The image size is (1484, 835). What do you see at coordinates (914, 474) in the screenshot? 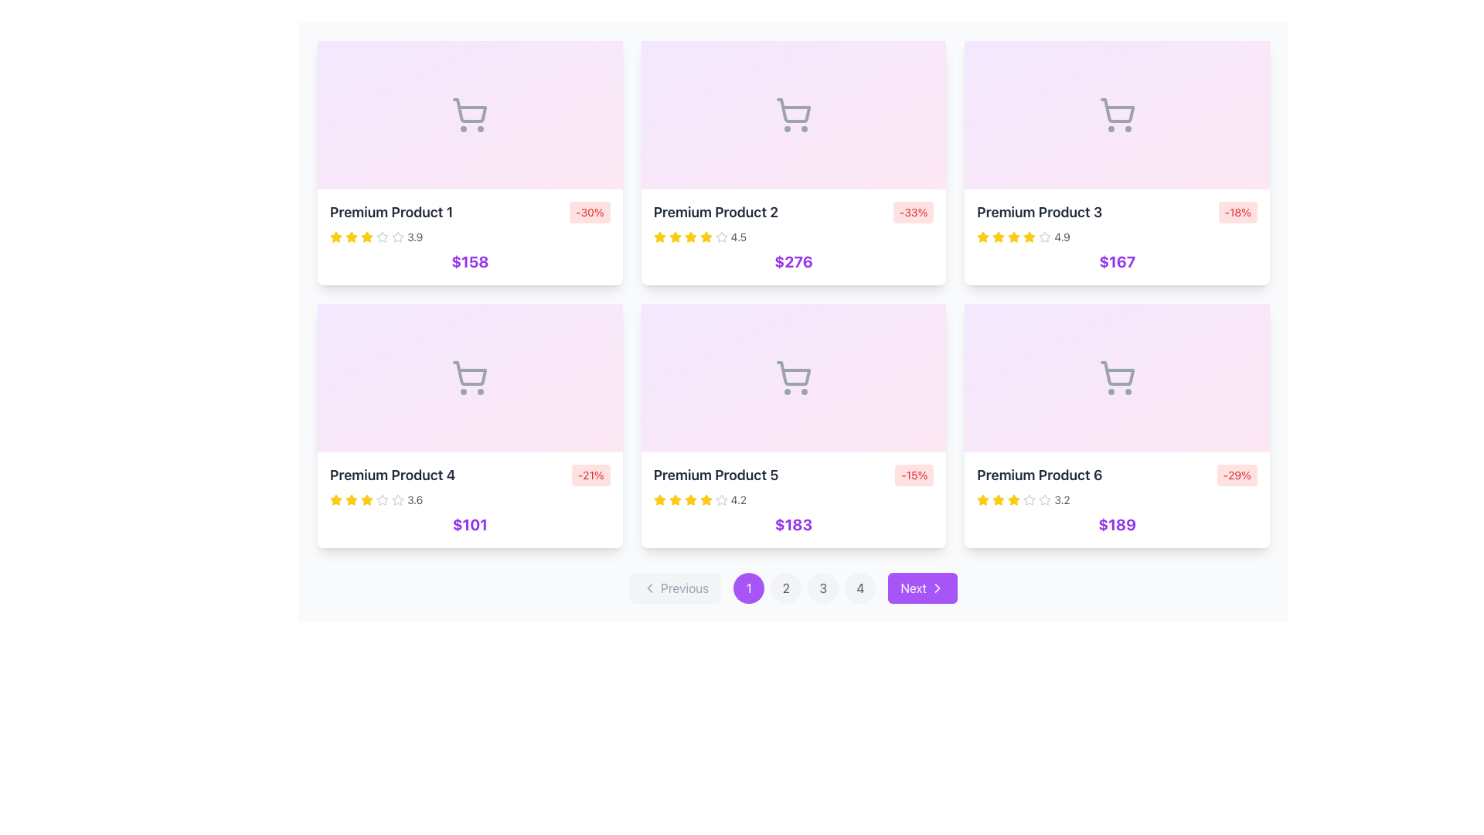
I see `the discount percentage Badge located at the top-right corner of the 'Premium Product 5' card, positioned directly to the right of the title and rating section` at bounding box center [914, 474].